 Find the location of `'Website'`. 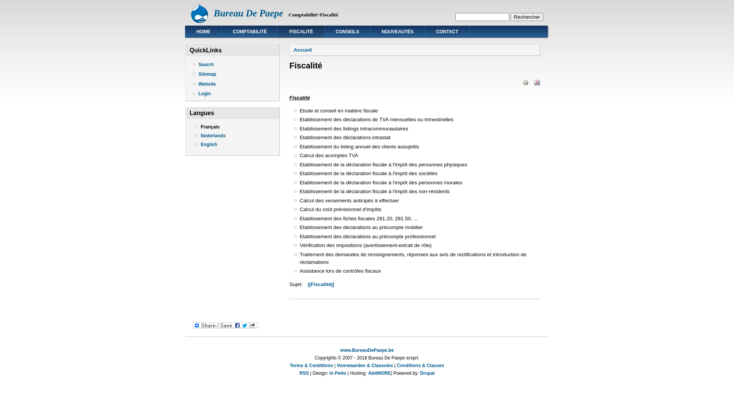

'Website' is located at coordinates (234, 84).